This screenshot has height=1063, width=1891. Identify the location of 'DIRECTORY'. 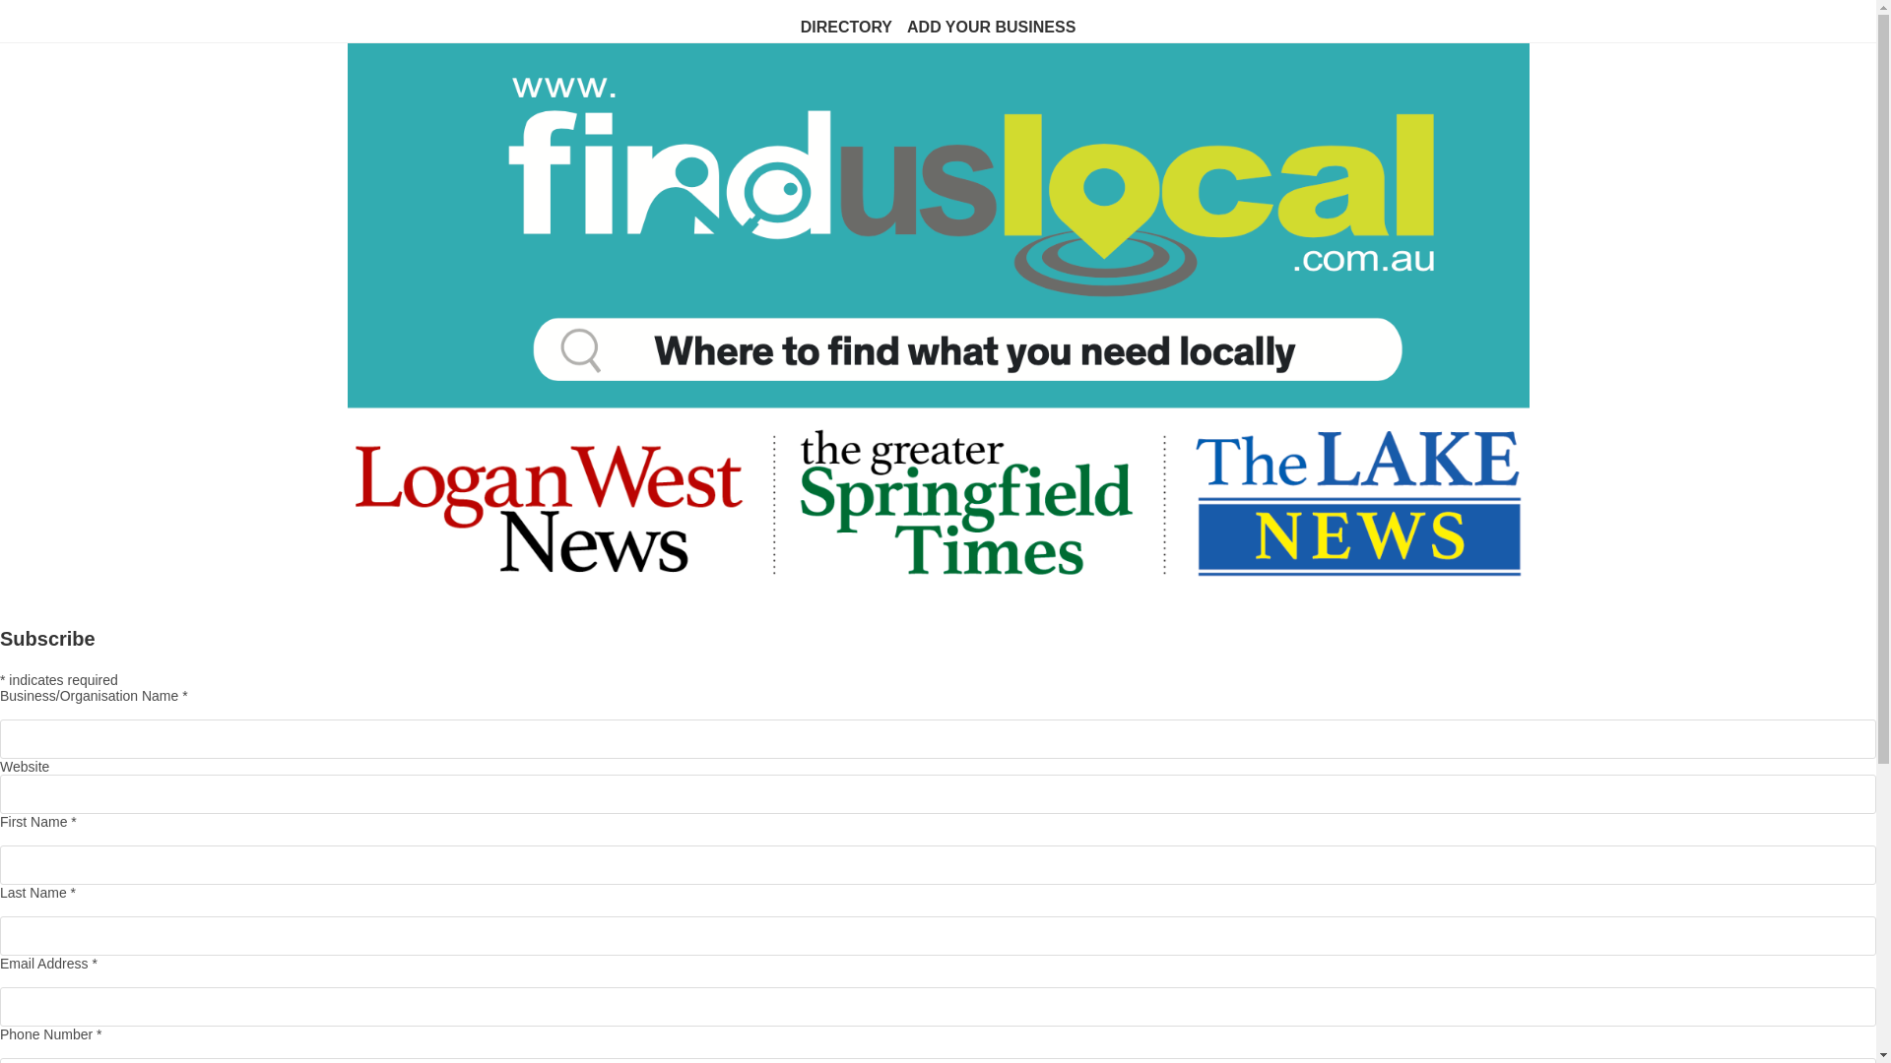
(846, 28).